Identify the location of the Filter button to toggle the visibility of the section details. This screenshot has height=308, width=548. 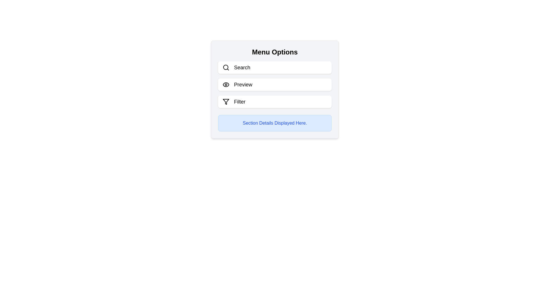
(275, 102).